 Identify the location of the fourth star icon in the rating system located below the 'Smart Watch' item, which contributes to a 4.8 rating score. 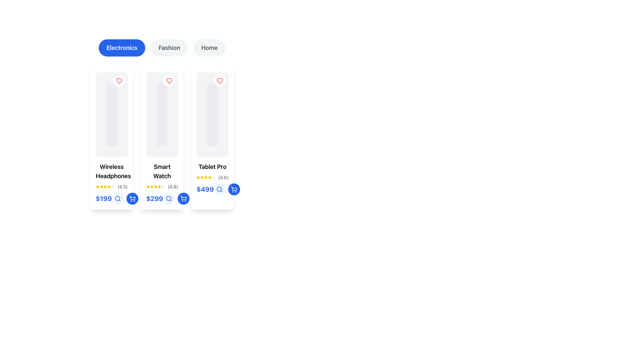
(155, 186).